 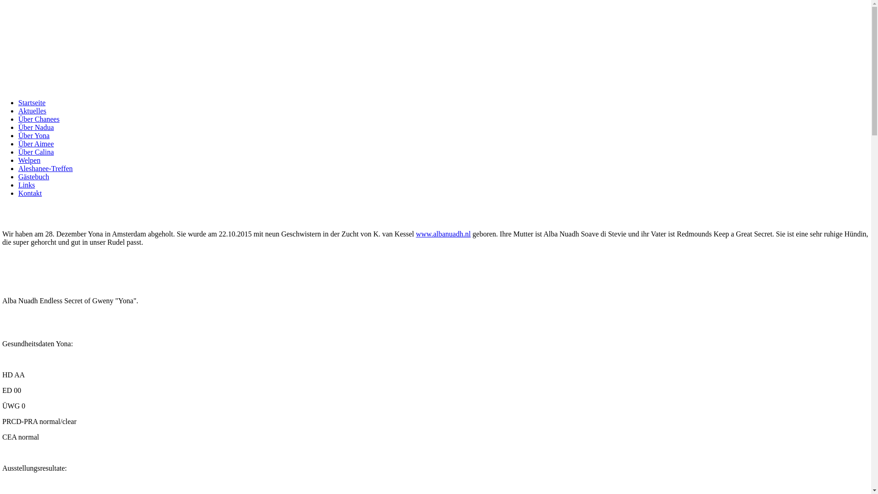 What do you see at coordinates (32, 102) in the screenshot?
I see `'Startseite'` at bounding box center [32, 102].